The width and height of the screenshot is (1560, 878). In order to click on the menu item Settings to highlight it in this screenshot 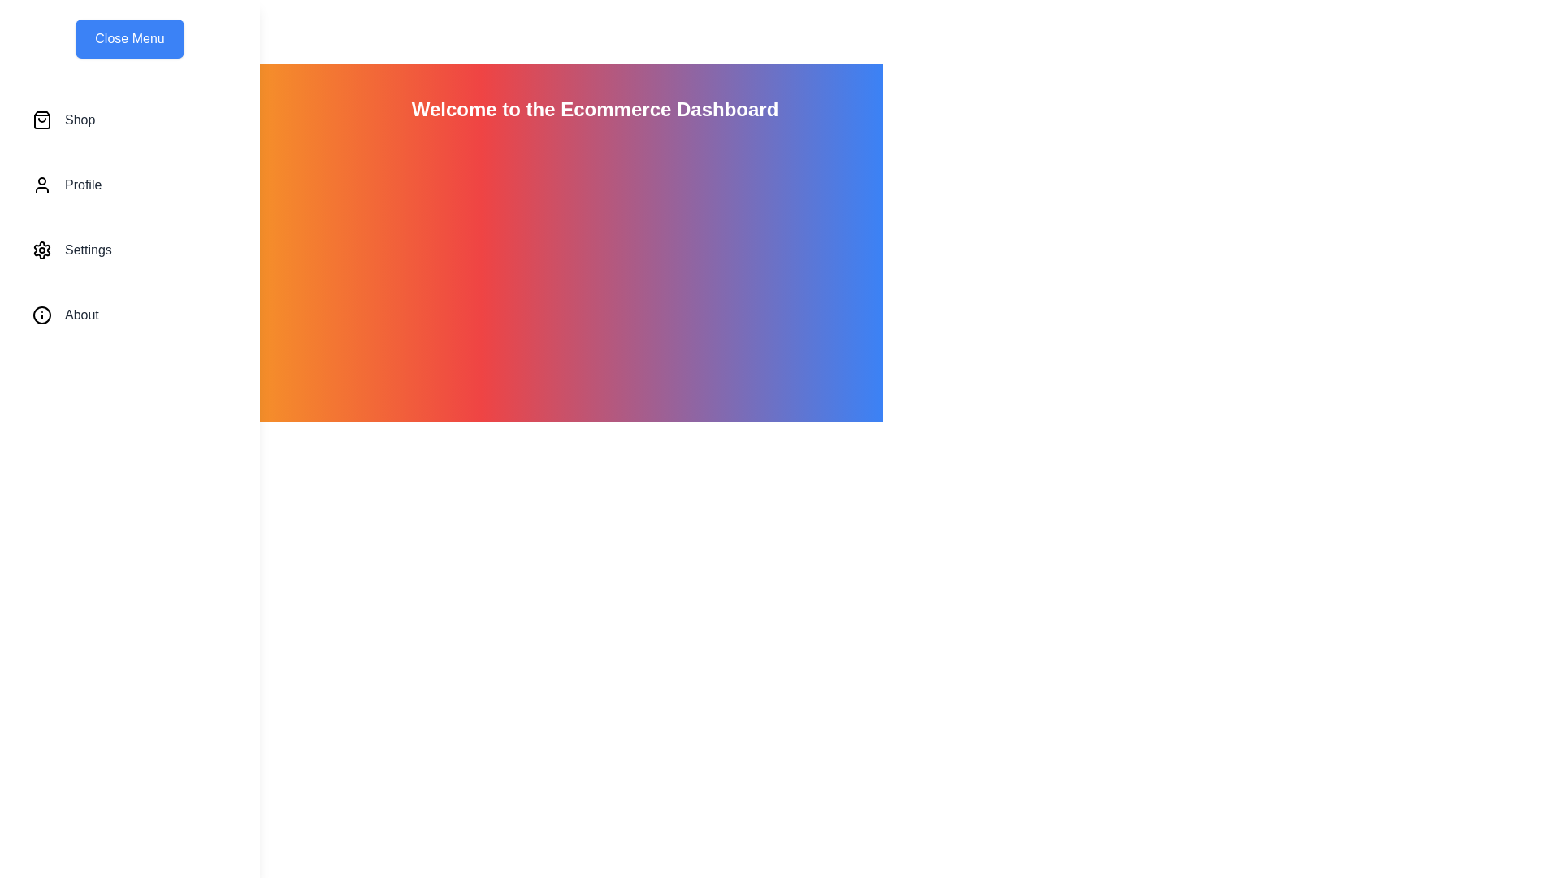, I will do `click(128, 250)`.